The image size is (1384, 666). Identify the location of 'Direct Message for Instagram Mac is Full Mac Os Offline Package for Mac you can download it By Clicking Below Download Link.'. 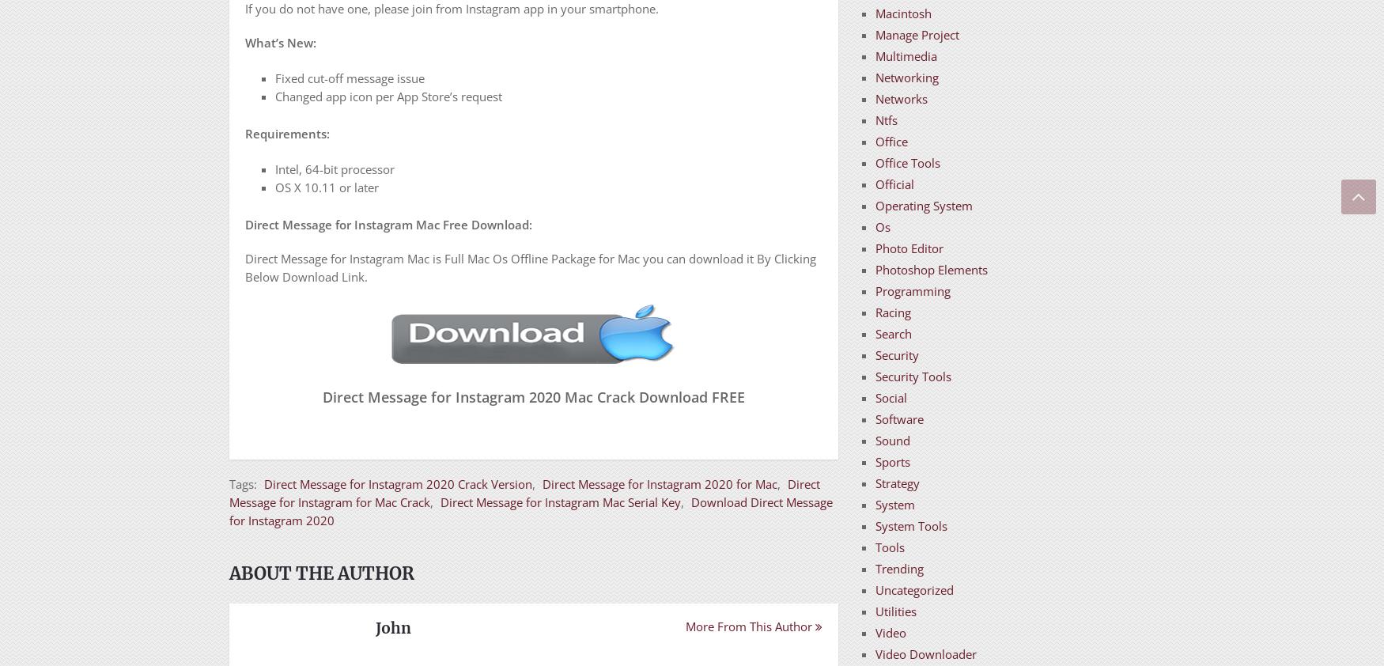
(529, 267).